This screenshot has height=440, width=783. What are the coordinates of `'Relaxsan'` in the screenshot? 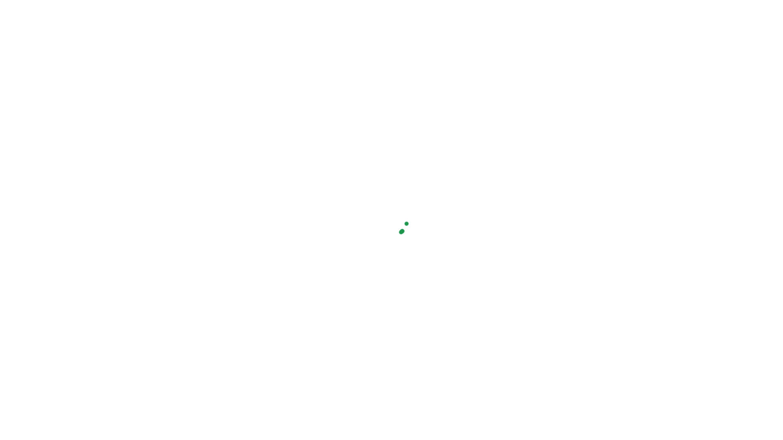 It's located at (184, 34).